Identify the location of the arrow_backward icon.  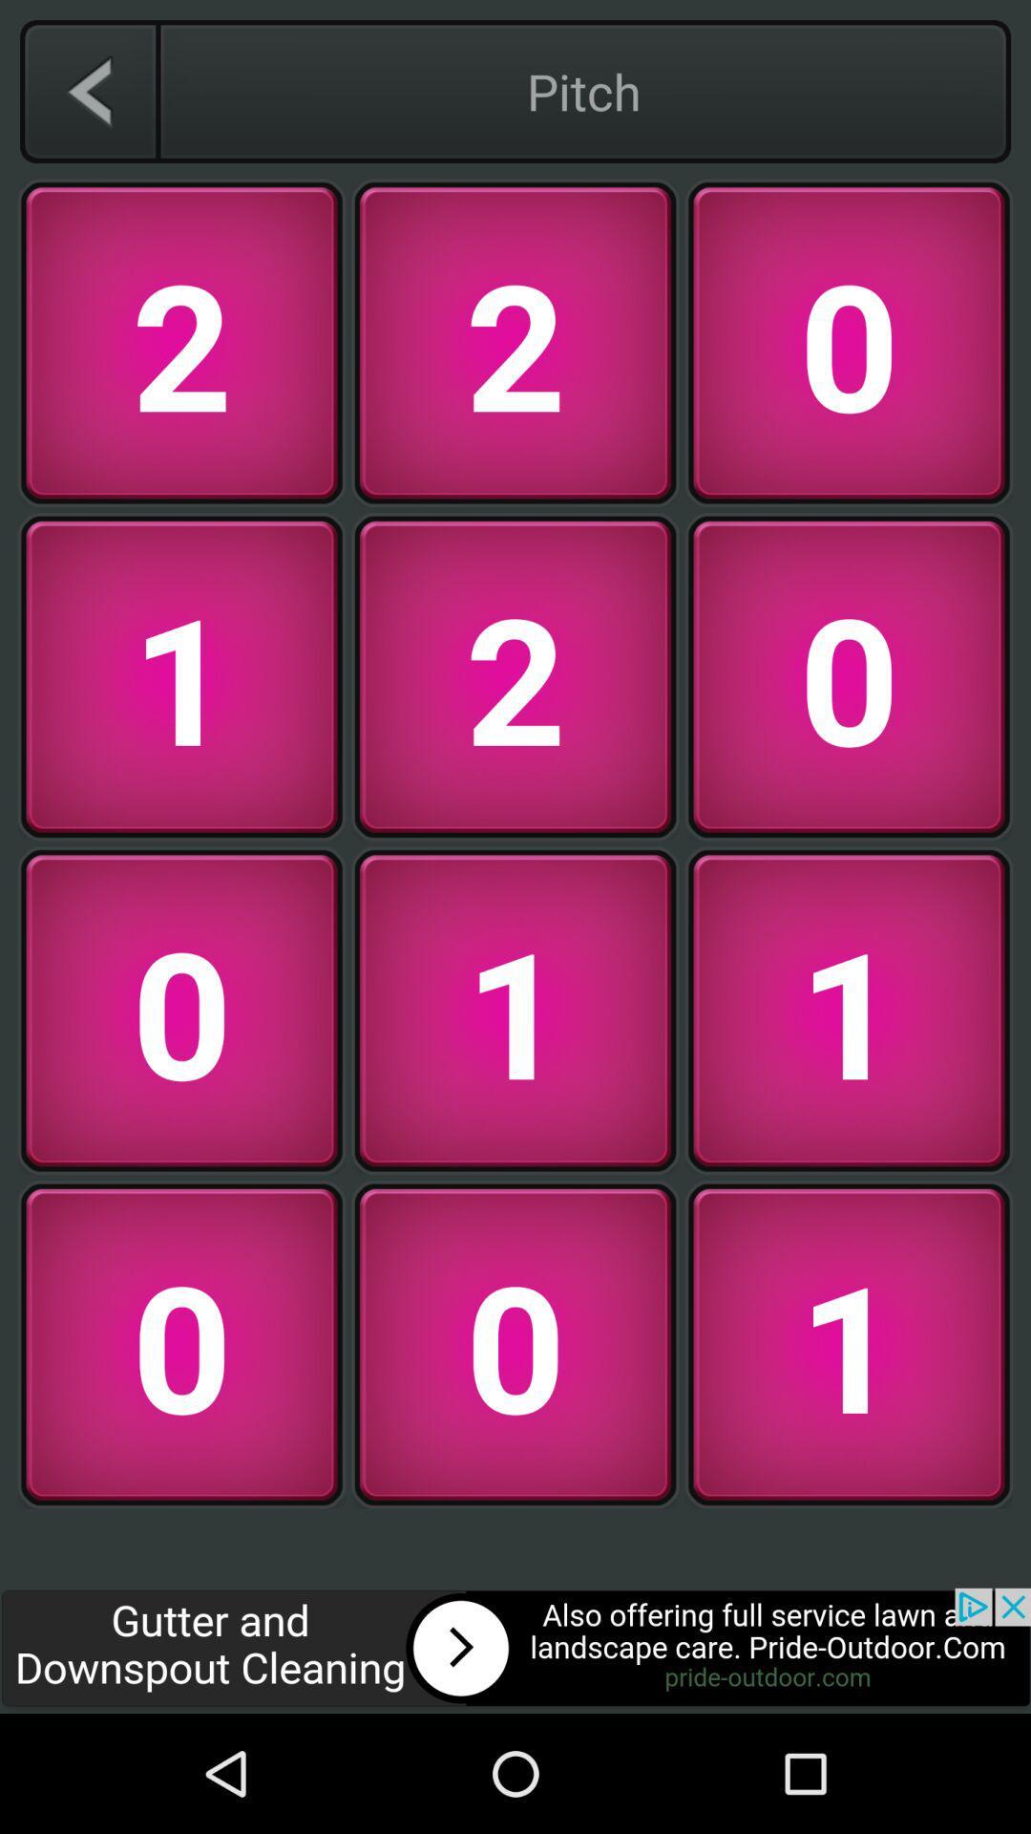
(89, 91).